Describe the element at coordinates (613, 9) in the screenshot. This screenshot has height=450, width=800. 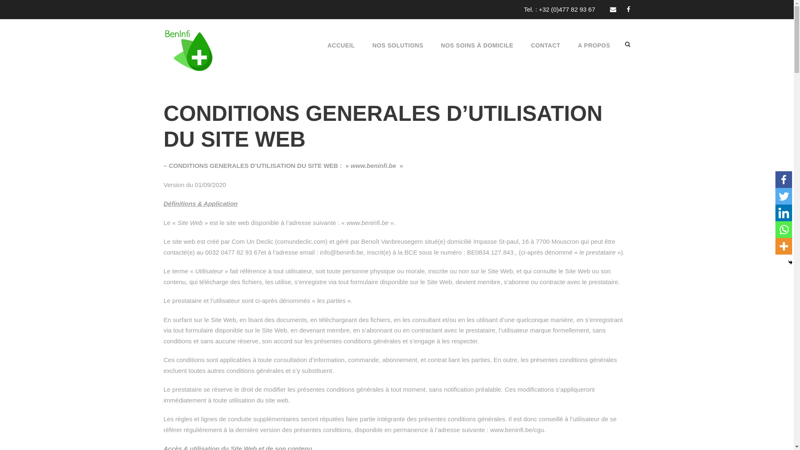
I see `'email'` at that location.